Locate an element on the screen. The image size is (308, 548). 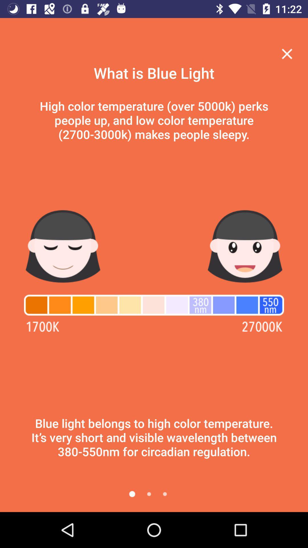
the menu is located at coordinates (287, 54).